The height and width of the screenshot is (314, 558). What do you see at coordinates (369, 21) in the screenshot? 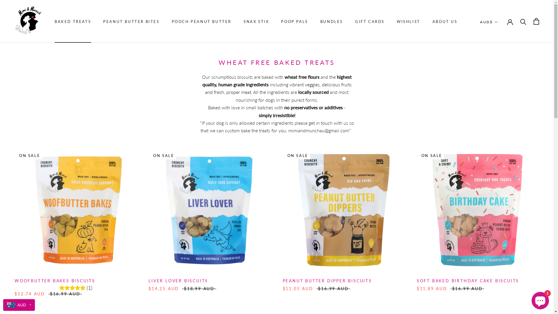
I see `'GIFT CARDS` at bounding box center [369, 21].